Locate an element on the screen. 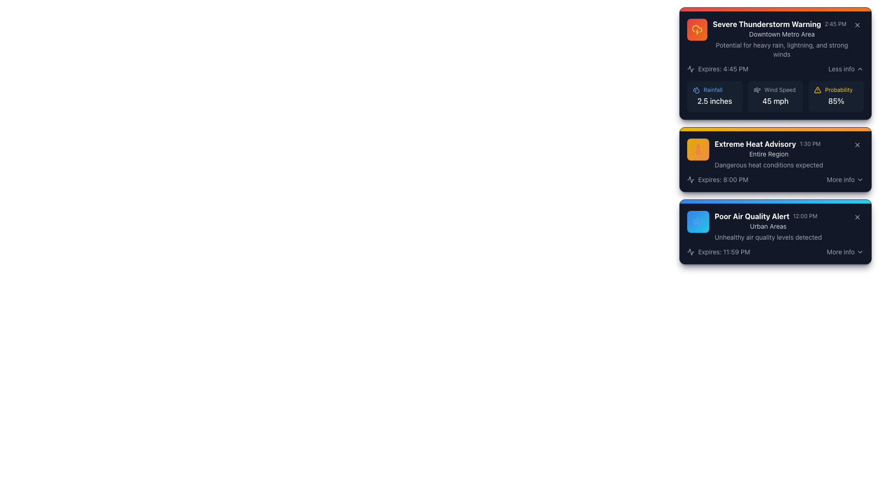  the Text Label displaying the wind speed value in miles per hour, located at the bottom right of the 'Wind Speed' section within a card-style component is located at coordinates (775, 101).